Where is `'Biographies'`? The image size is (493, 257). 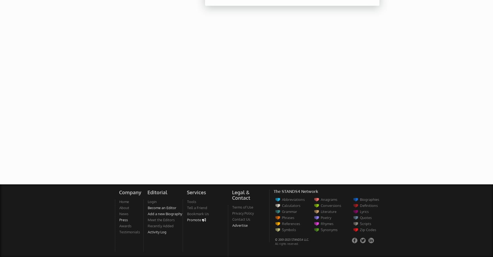
'Biographies' is located at coordinates (360, 199).